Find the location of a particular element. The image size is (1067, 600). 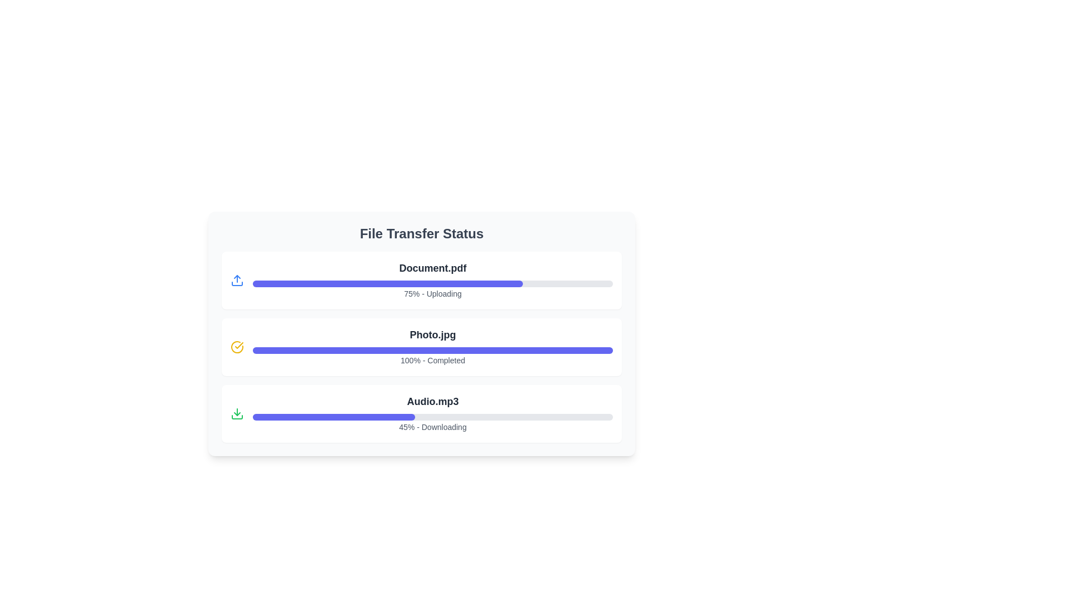

the circular yellow check mark icon in the second file transfer status row for 'Photo.jpg' is located at coordinates (237, 346).